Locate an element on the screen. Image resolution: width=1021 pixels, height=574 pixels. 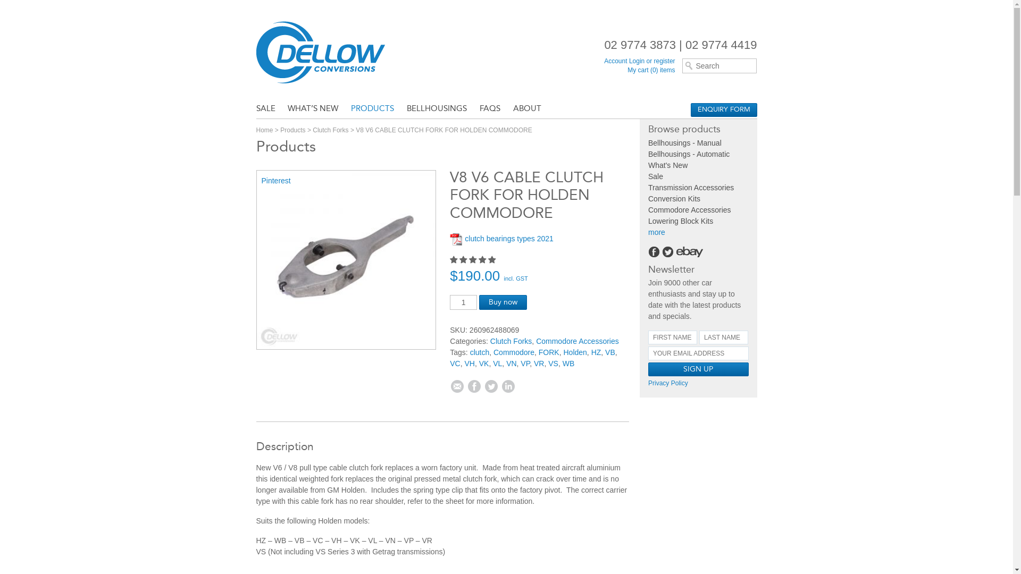
'Commodore' is located at coordinates (492, 352).